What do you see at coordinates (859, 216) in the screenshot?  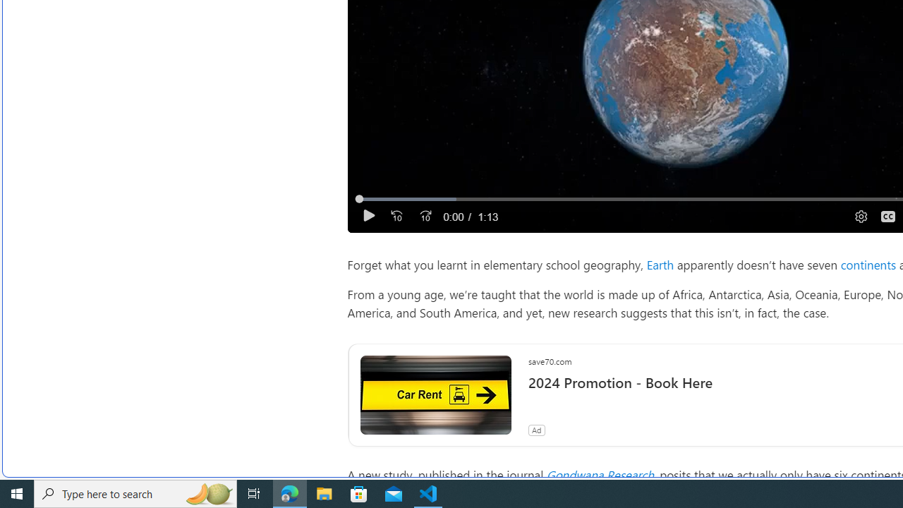 I see `'Quality Settings'` at bounding box center [859, 216].